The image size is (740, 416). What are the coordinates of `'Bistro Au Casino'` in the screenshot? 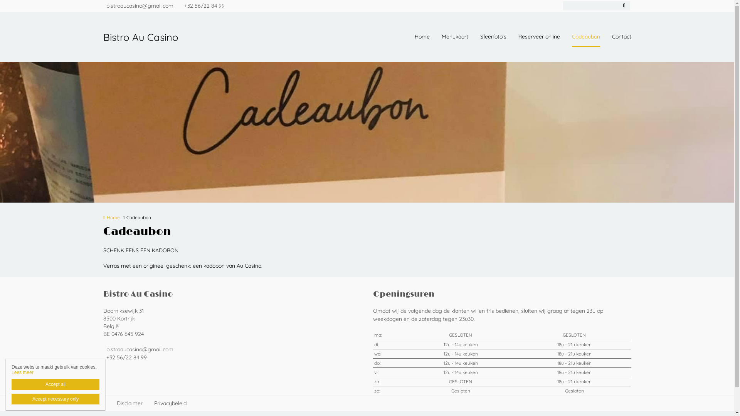 It's located at (150, 37).